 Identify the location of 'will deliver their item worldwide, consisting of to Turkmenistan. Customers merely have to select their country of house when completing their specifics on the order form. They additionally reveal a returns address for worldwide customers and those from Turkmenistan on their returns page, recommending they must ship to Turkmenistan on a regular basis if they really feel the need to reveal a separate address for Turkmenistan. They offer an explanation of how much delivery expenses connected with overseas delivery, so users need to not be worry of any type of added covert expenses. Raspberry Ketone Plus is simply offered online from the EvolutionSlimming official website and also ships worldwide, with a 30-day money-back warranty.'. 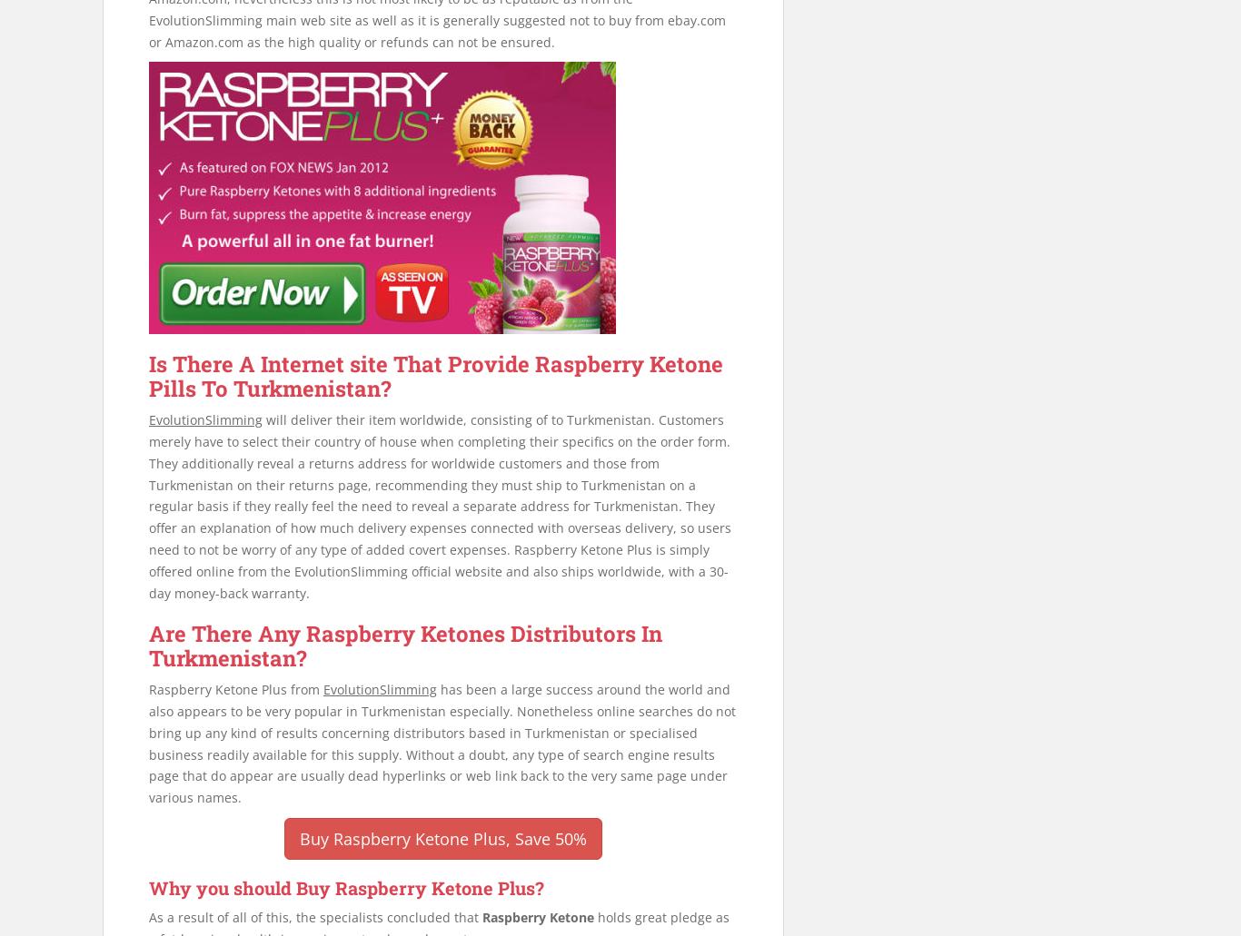
(440, 505).